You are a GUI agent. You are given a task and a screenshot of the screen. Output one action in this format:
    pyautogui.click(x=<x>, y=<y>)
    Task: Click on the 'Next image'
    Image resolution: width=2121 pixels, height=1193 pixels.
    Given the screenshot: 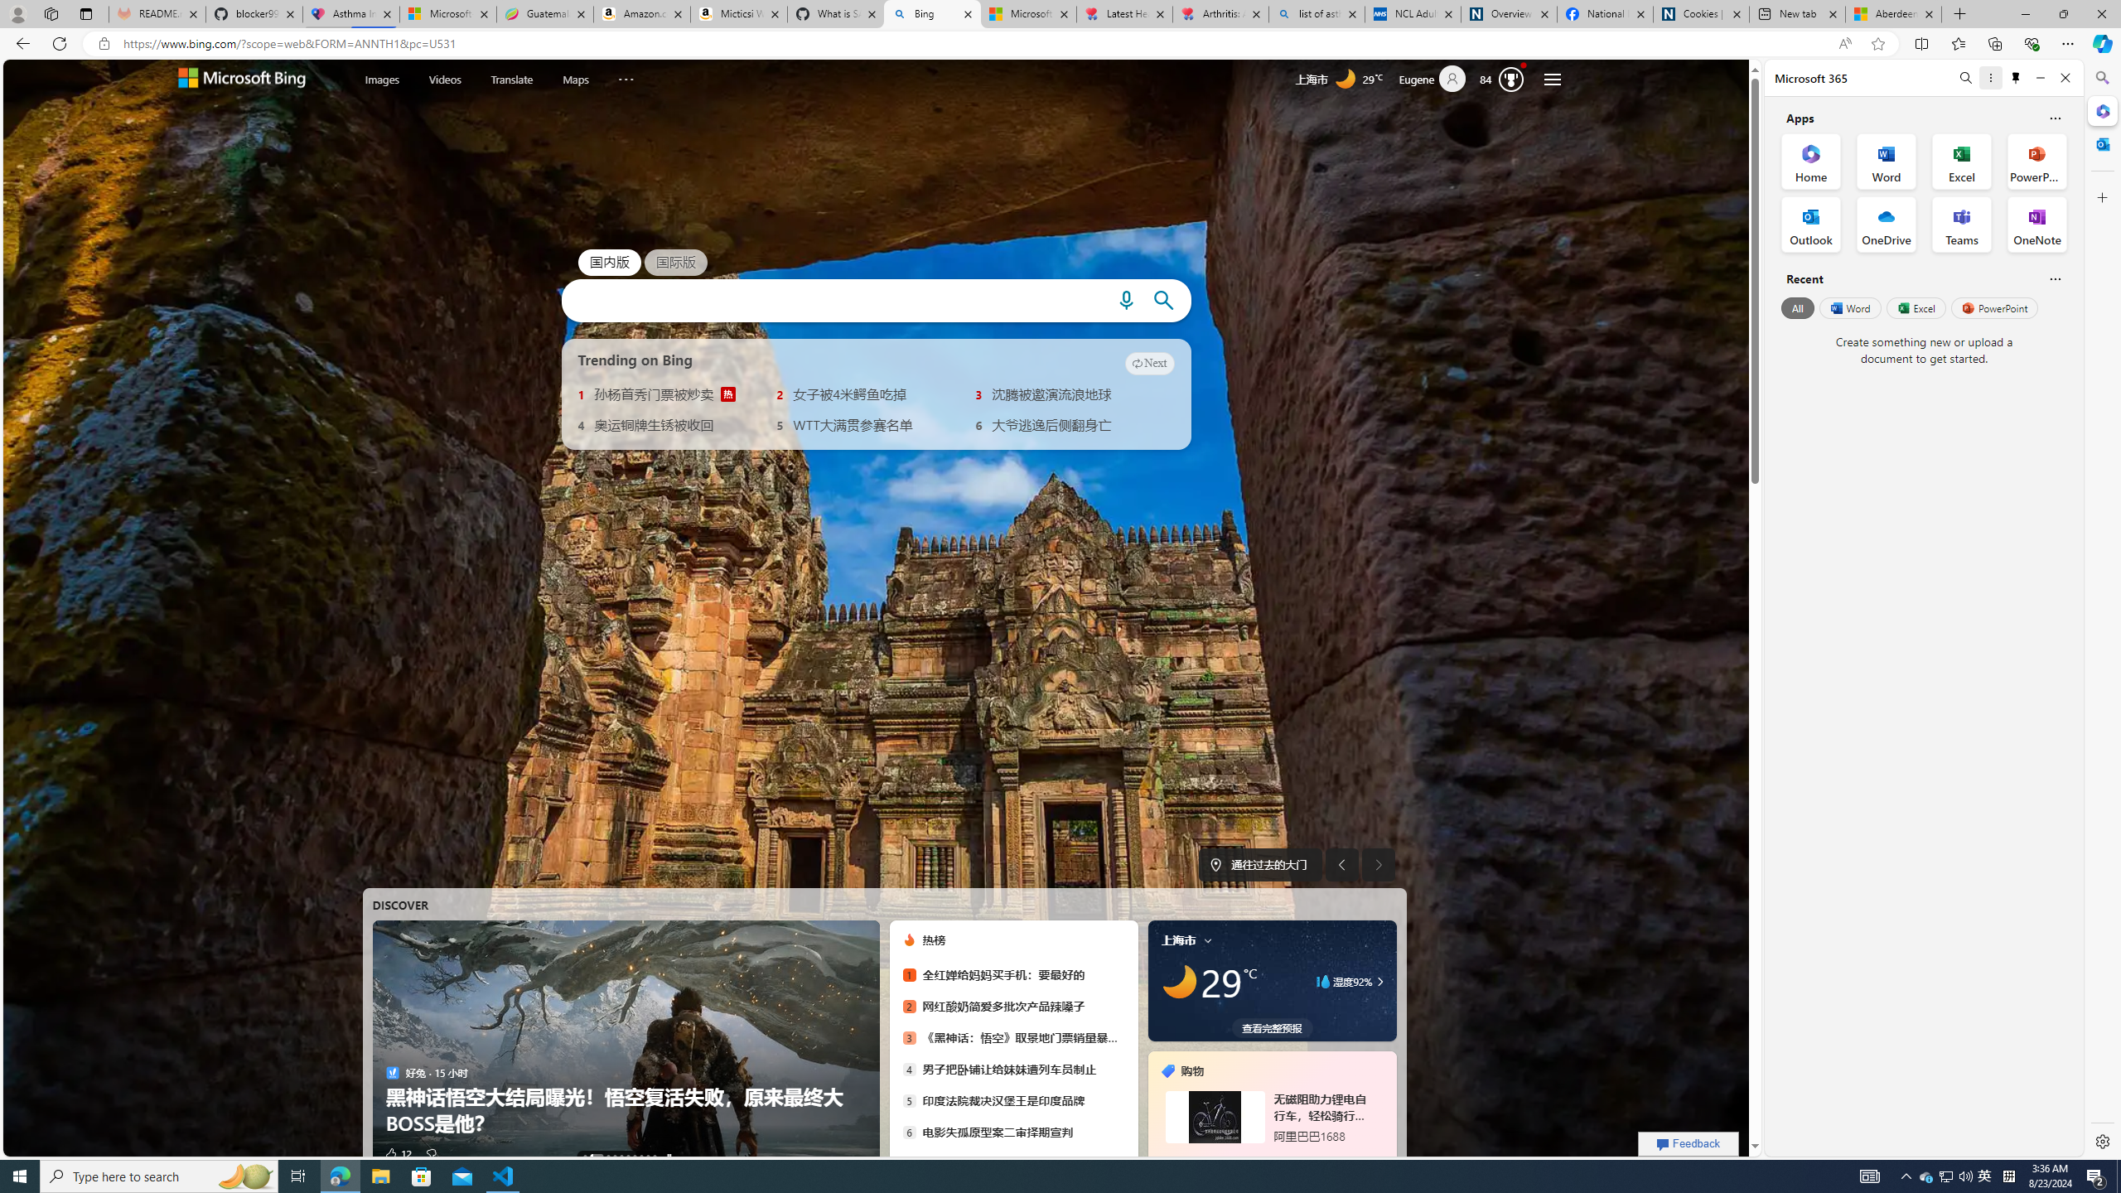 What is the action you would take?
    pyautogui.click(x=1378, y=864)
    